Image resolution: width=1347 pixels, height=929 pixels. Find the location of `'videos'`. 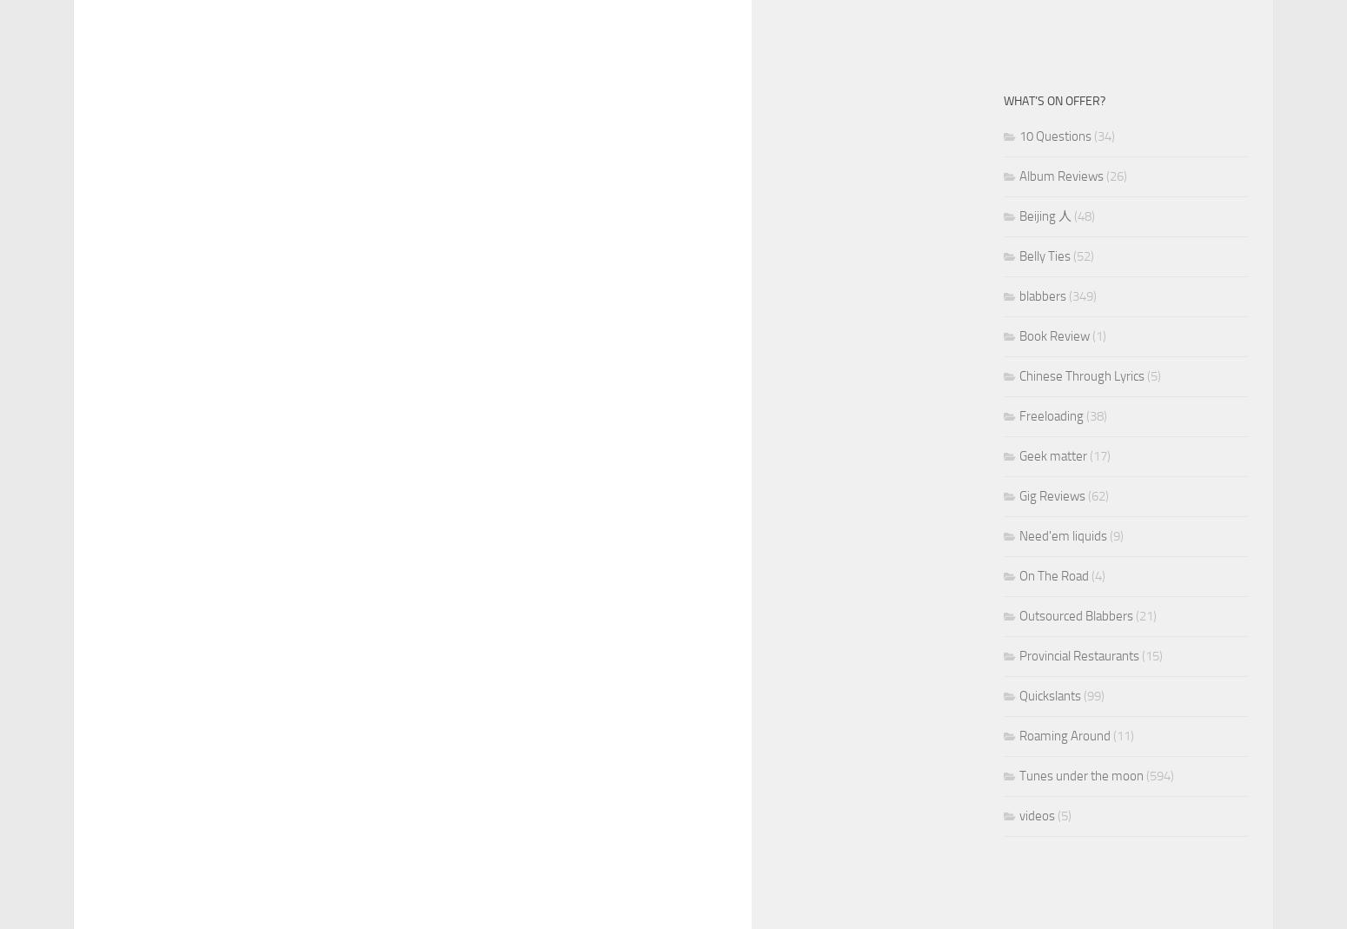

'videos' is located at coordinates (1019, 815).